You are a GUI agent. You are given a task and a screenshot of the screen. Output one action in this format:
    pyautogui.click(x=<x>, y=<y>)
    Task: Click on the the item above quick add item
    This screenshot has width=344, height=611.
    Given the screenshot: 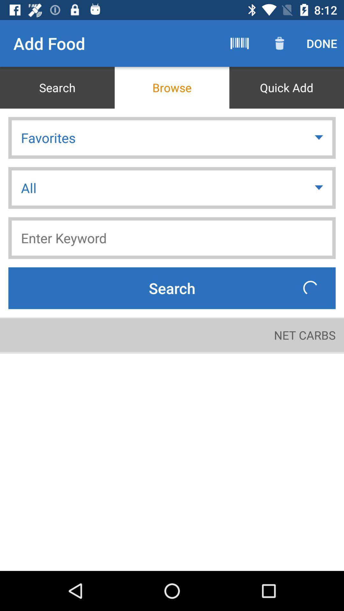 What is the action you would take?
    pyautogui.click(x=279, y=43)
    